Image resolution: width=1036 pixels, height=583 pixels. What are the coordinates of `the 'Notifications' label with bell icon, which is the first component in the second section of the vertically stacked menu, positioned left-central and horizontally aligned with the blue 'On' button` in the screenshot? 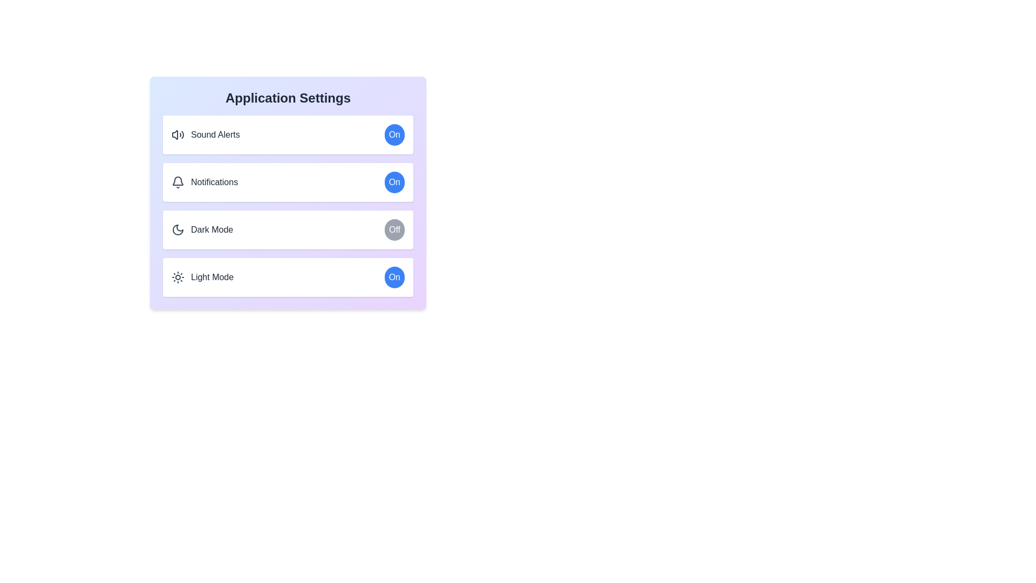 It's located at (205, 182).